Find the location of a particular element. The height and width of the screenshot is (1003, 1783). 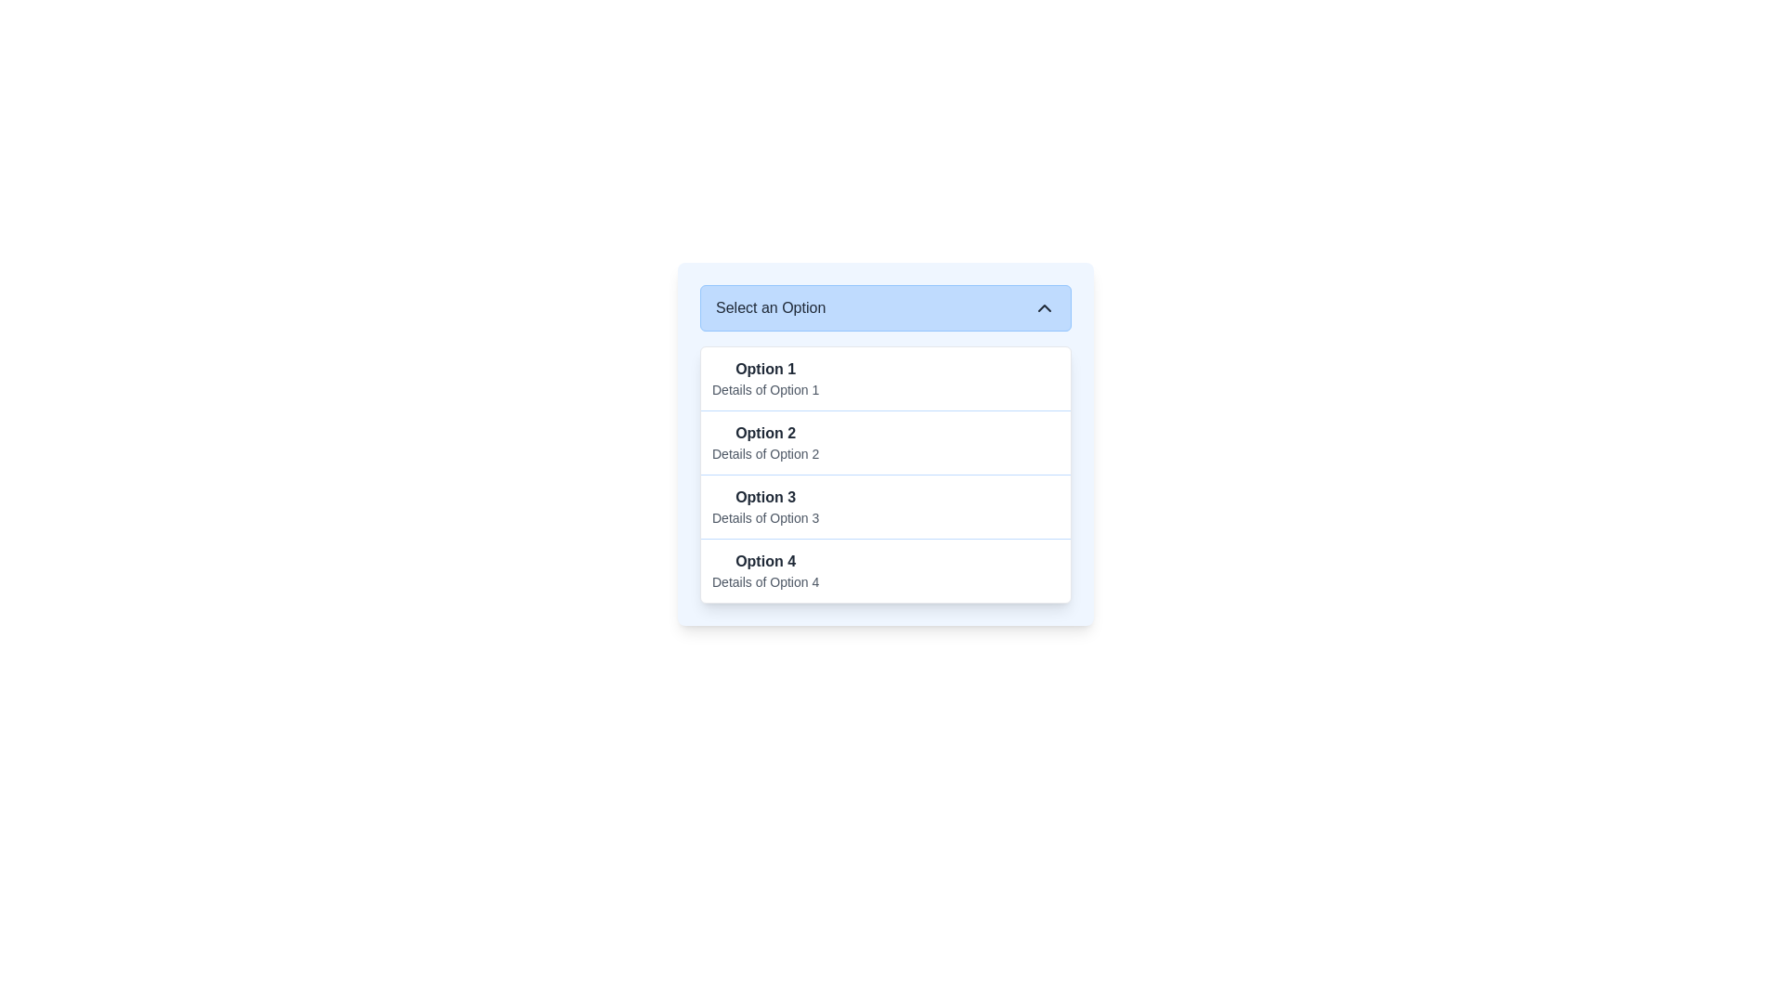

the dropdown list item labeled 'Option 2' is located at coordinates (885, 441).